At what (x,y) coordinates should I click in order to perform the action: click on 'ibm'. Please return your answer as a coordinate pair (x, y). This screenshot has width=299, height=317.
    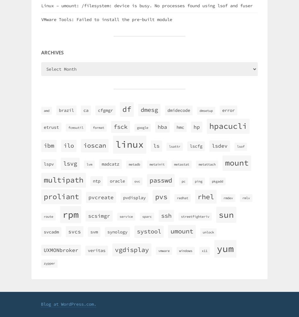
    Looking at the image, I should click on (49, 145).